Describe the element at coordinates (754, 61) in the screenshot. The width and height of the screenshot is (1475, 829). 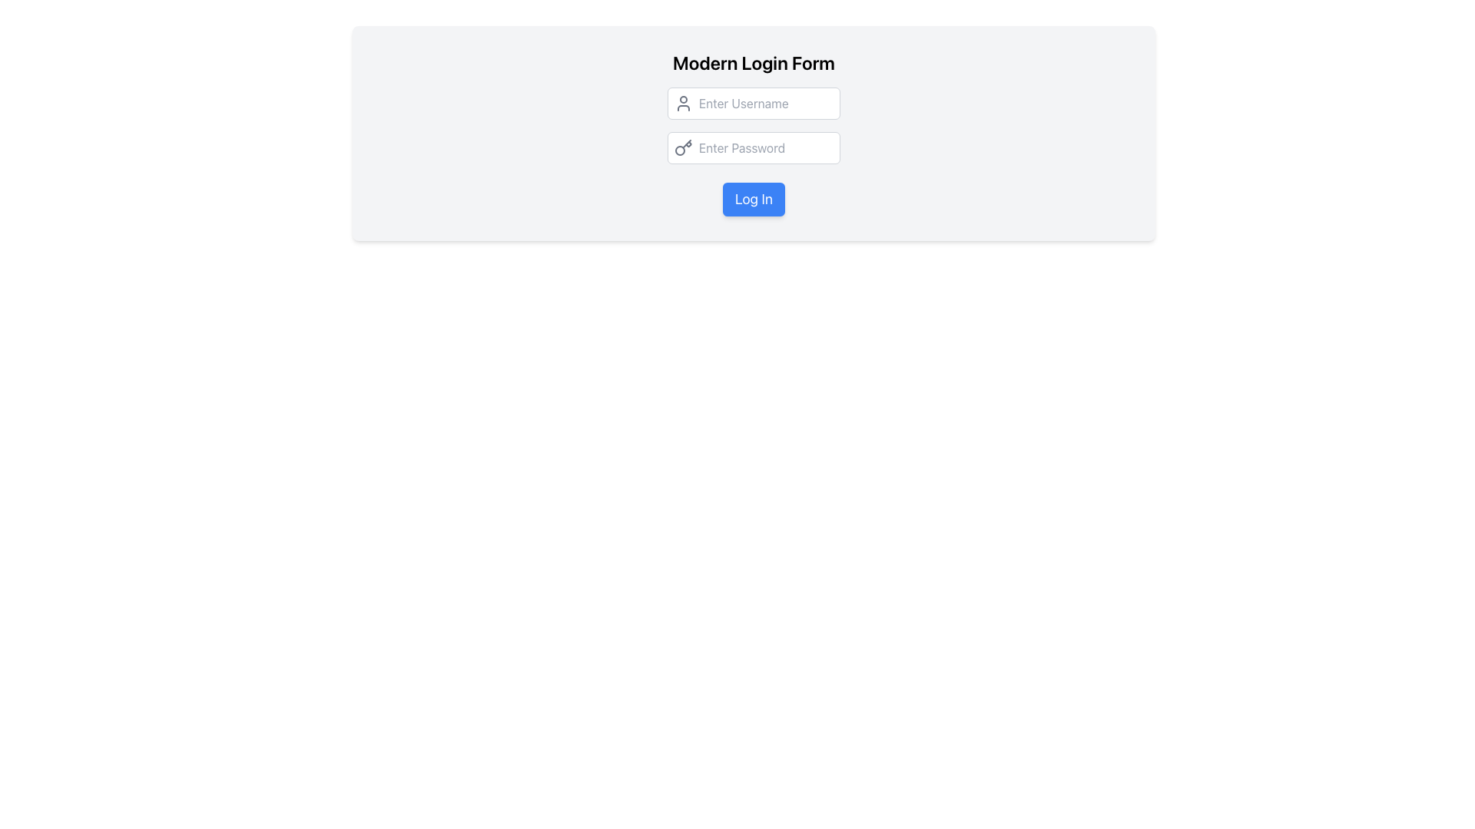
I see `the header text reading 'Modern Login Form', which is styled in bold and large font at the top center of the login form` at that location.